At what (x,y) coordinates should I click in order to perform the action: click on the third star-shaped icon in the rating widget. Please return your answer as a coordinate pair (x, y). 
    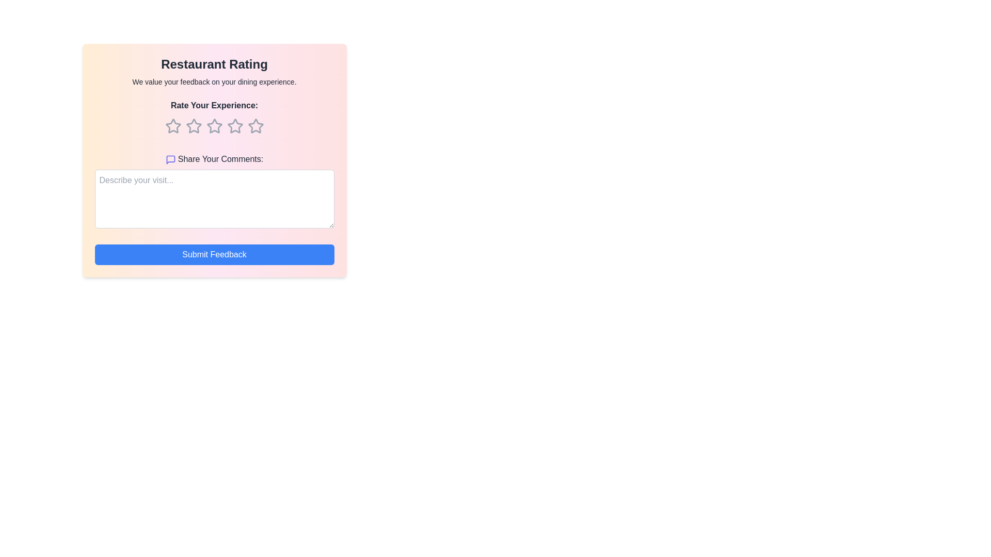
    Looking at the image, I should click on (234, 125).